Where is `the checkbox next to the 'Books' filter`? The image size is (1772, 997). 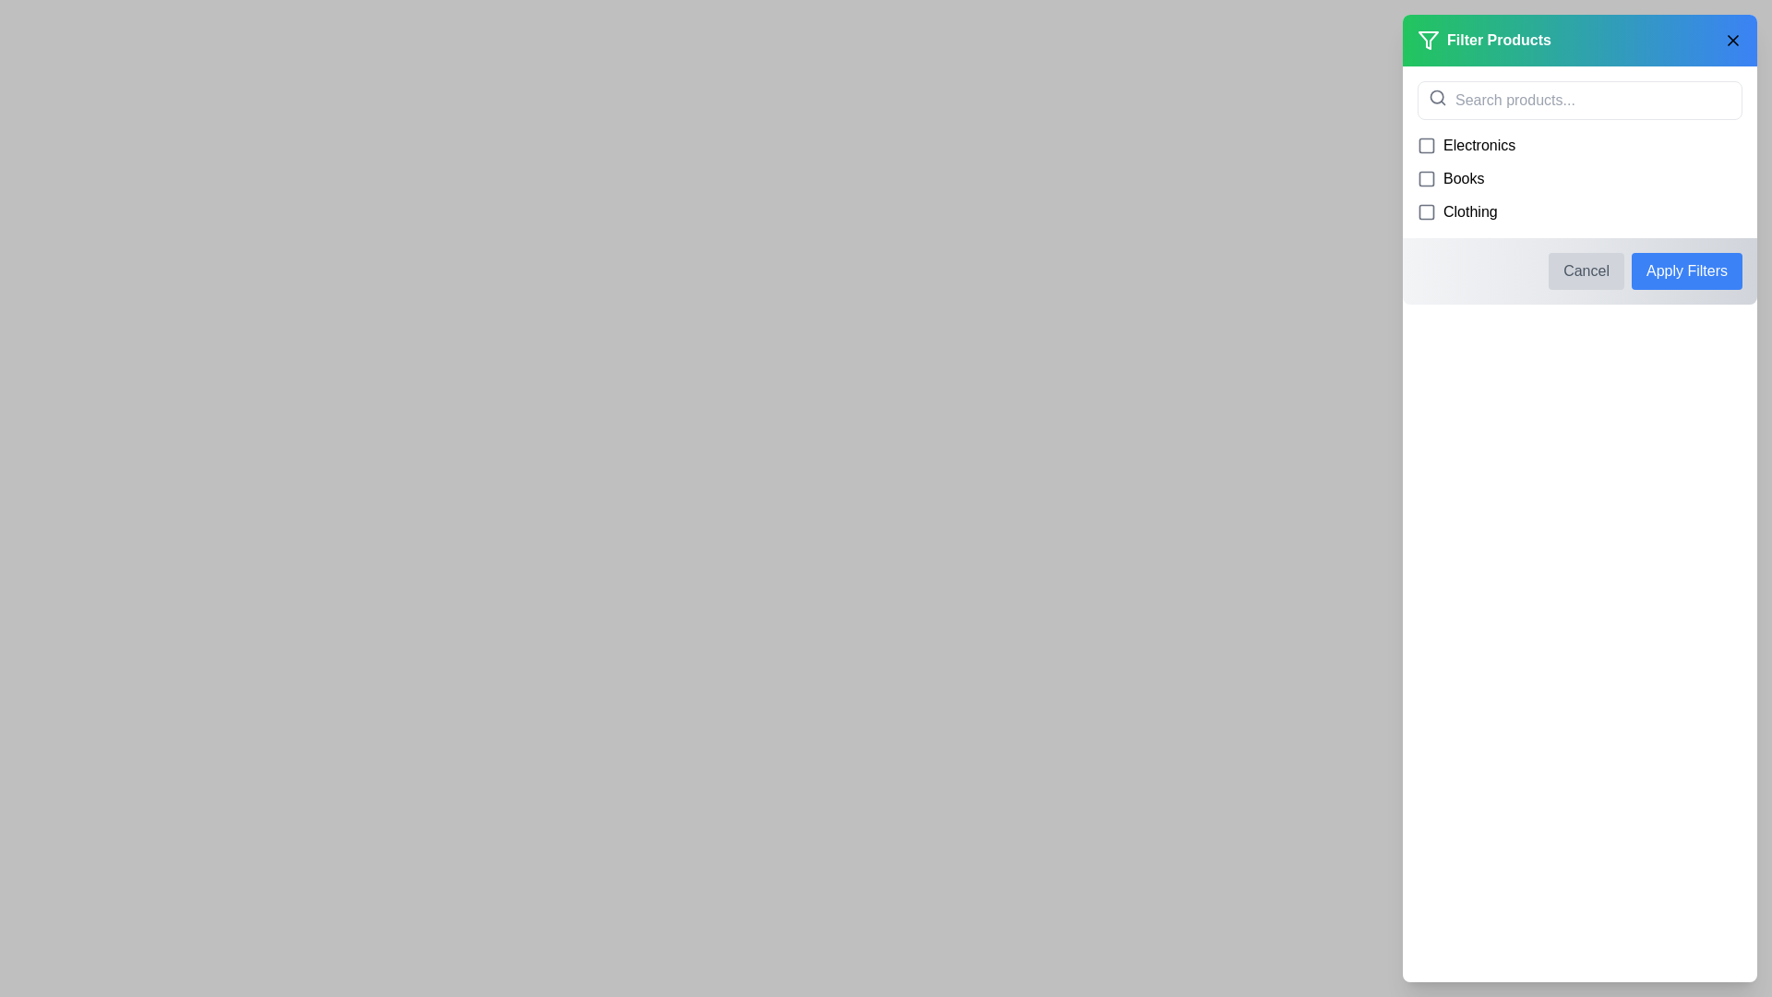
the checkbox next to the 'Books' filter is located at coordinates (1425, 178).